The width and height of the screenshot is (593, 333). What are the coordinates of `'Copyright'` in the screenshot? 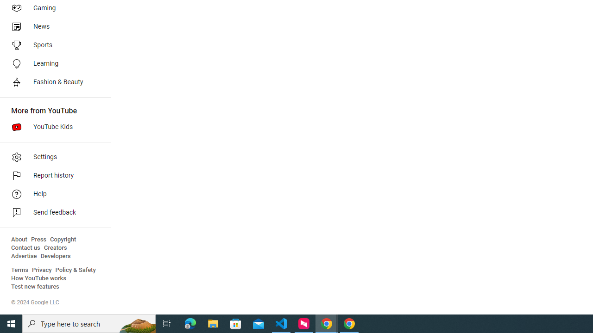 It's located at (63, 239).